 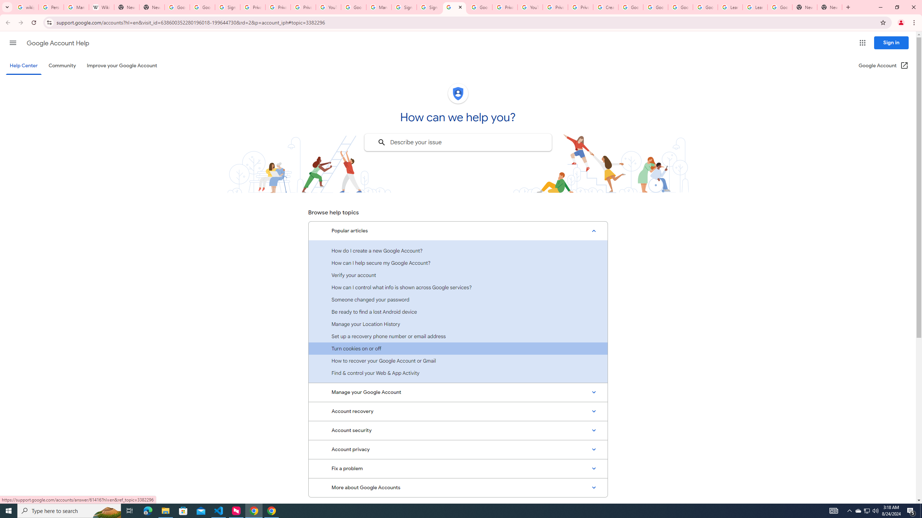 I want to click on 'Popular articles, Expanded list with 11 items', so click(x=458, y=231).